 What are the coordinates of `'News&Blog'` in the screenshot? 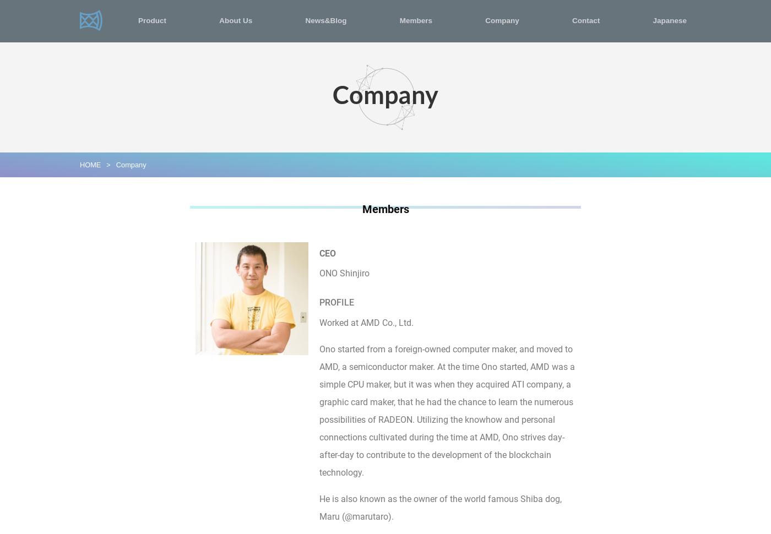 It's located at (325, 20).